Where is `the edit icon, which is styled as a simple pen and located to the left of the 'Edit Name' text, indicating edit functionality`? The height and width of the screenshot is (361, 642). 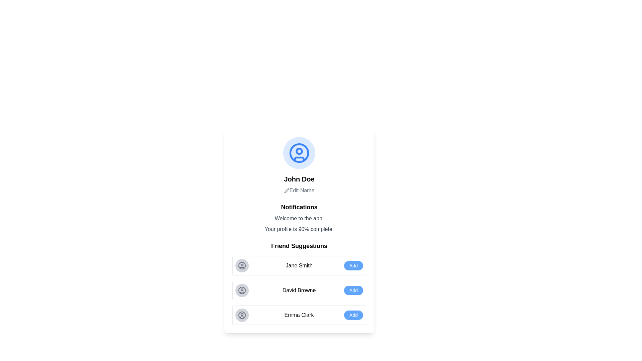 the edit icon, which is styled as a simple pen and located to the left of the 'Edit Name' text, indicating edit functionality is located at coordinates (287, 191).